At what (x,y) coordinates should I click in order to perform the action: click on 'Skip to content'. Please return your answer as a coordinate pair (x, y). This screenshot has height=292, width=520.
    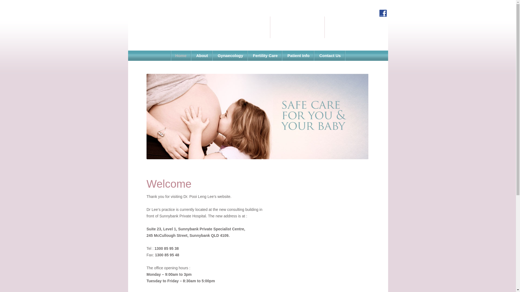
    Looking at the image, I should click on (270, 52).